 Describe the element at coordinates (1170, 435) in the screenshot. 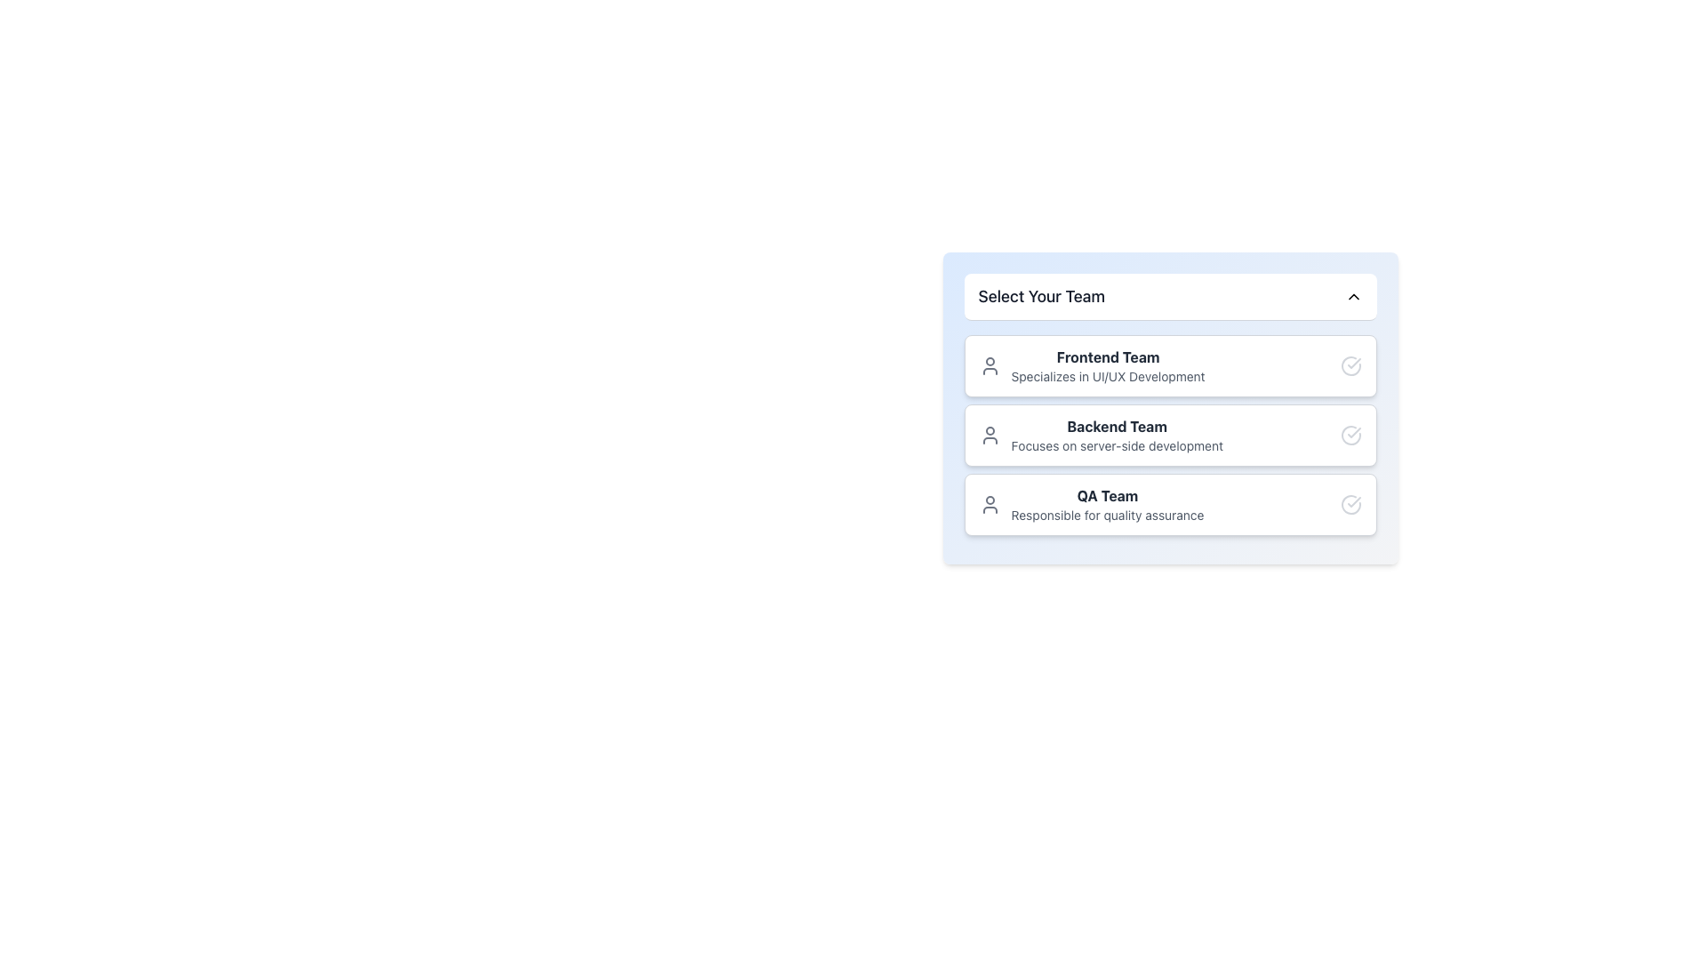

I see `the 'Backend Team' option in the team selection panel` at that location.